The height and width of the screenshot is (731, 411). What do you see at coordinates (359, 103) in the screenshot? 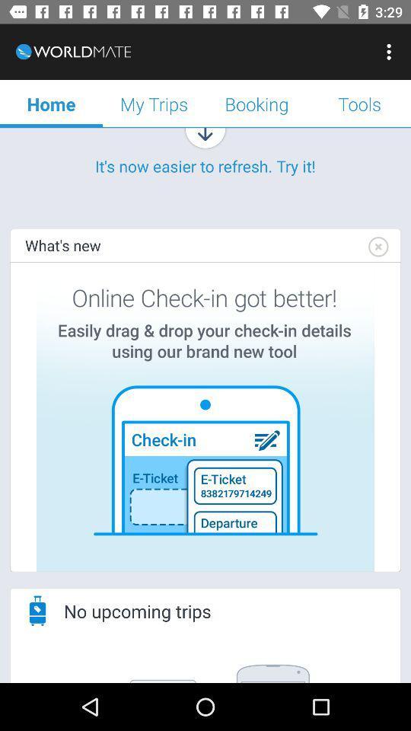
I see `the item next to booking` at bounding box center [359, 103].